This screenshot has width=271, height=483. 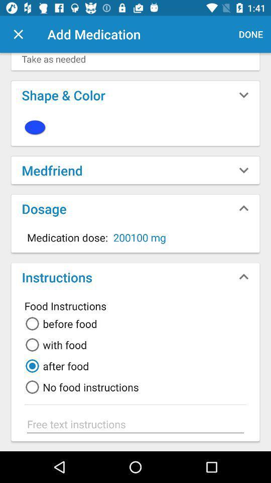 What do you see at coordinates (54, 345) in the screenshot?
I see `with food icon` at bounding box center [54, 345].